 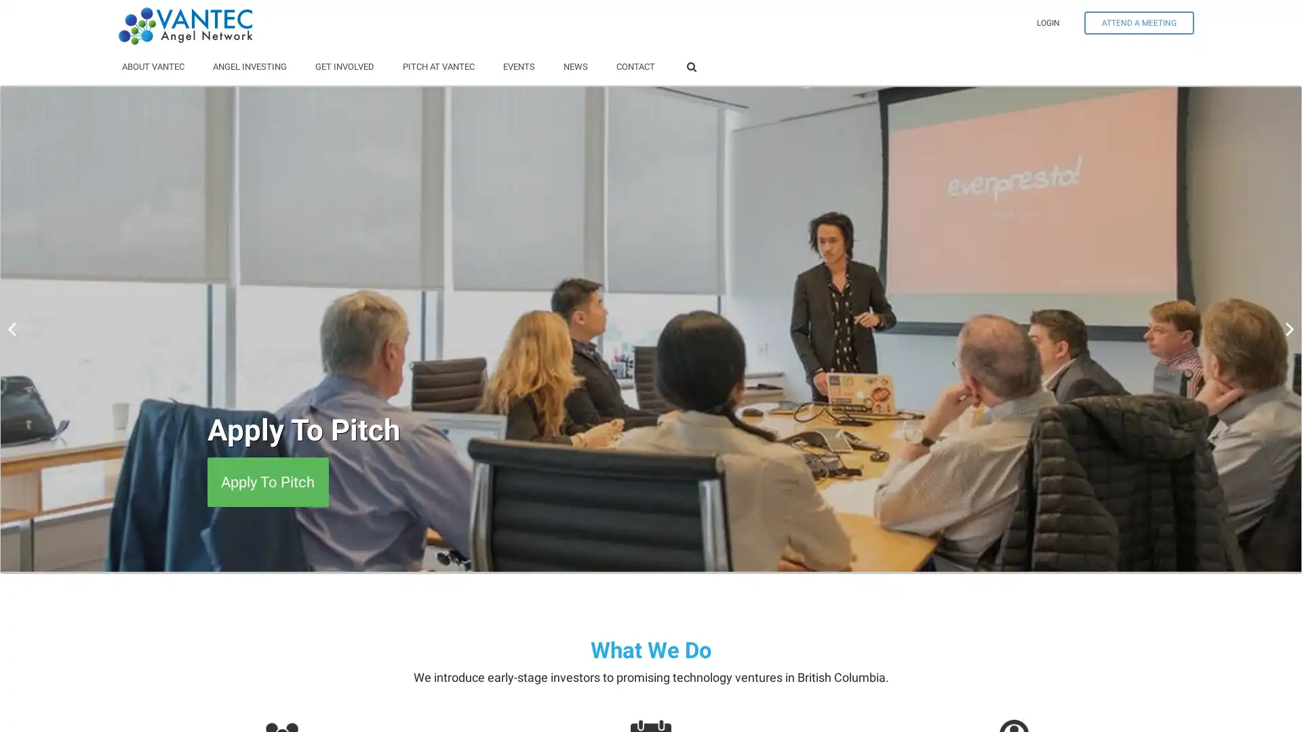 I want to click on Find Out More, so click(x=267, y=481).